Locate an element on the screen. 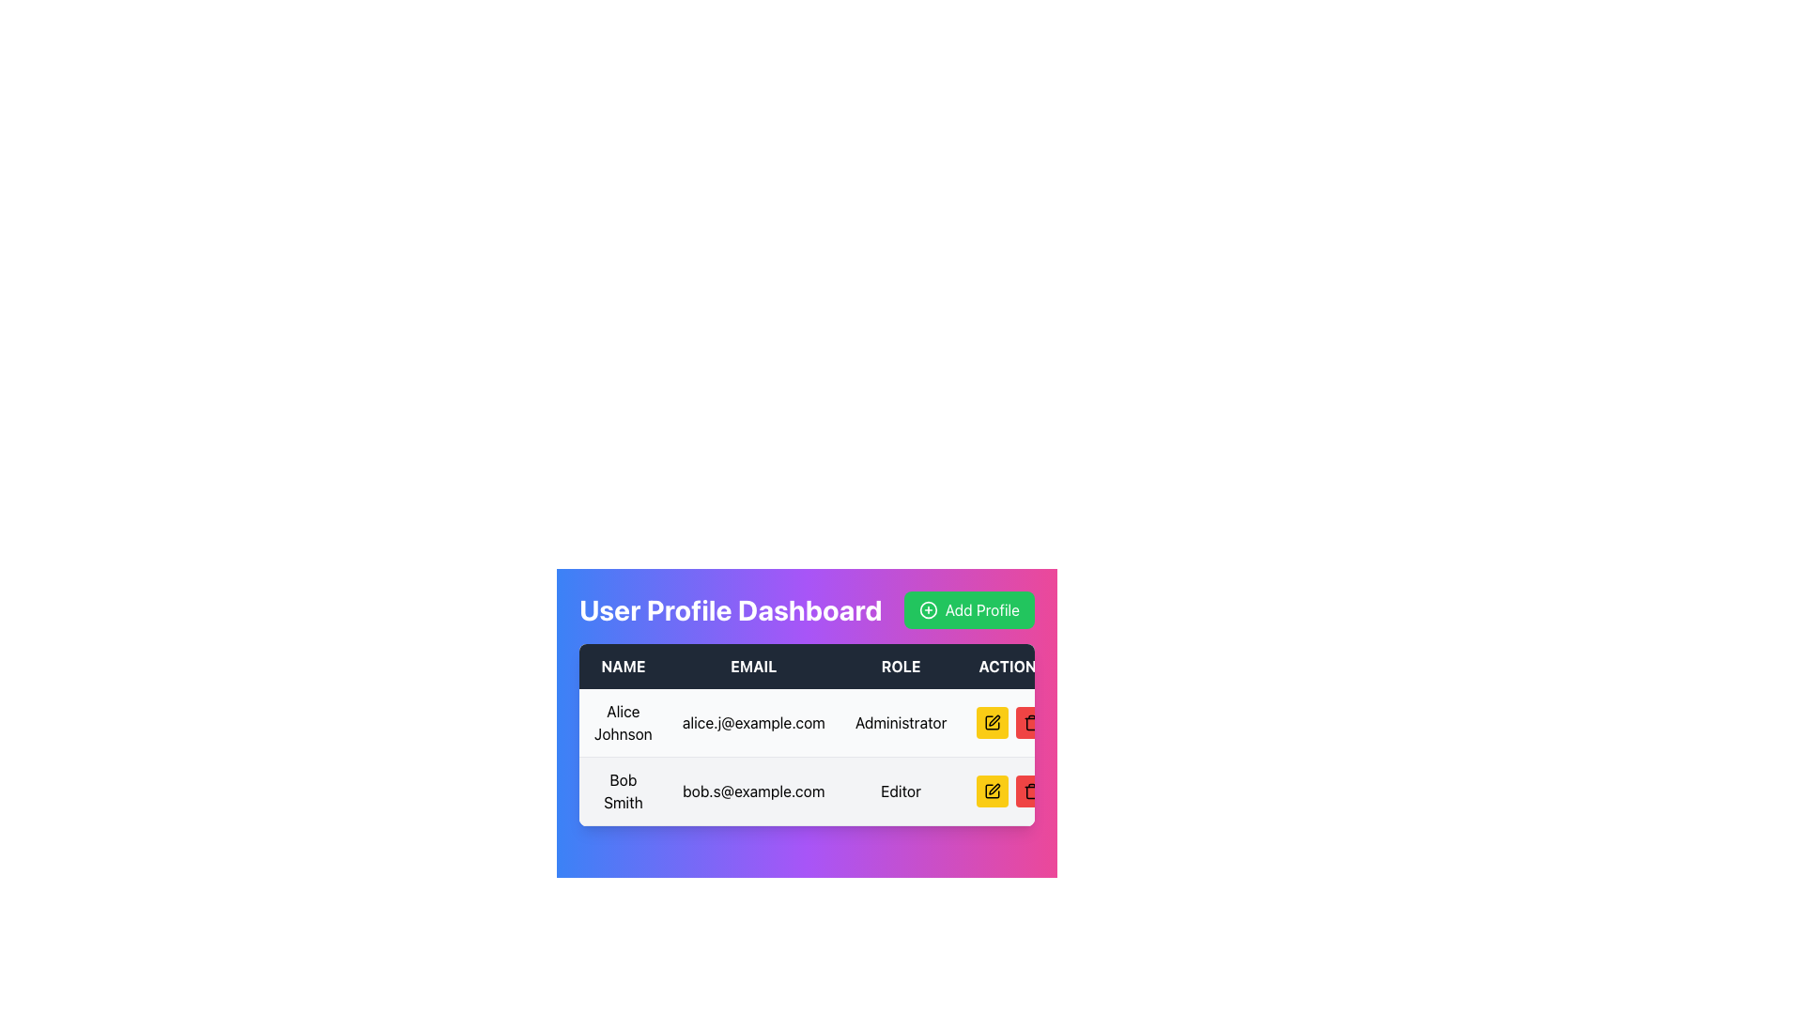 This screenshot has width=1803, height=1014. the TextDisplay element that shows the email address for user 'Alice Johnson' in the EMAIL column of the user information table is located at coordinates (753, 722).